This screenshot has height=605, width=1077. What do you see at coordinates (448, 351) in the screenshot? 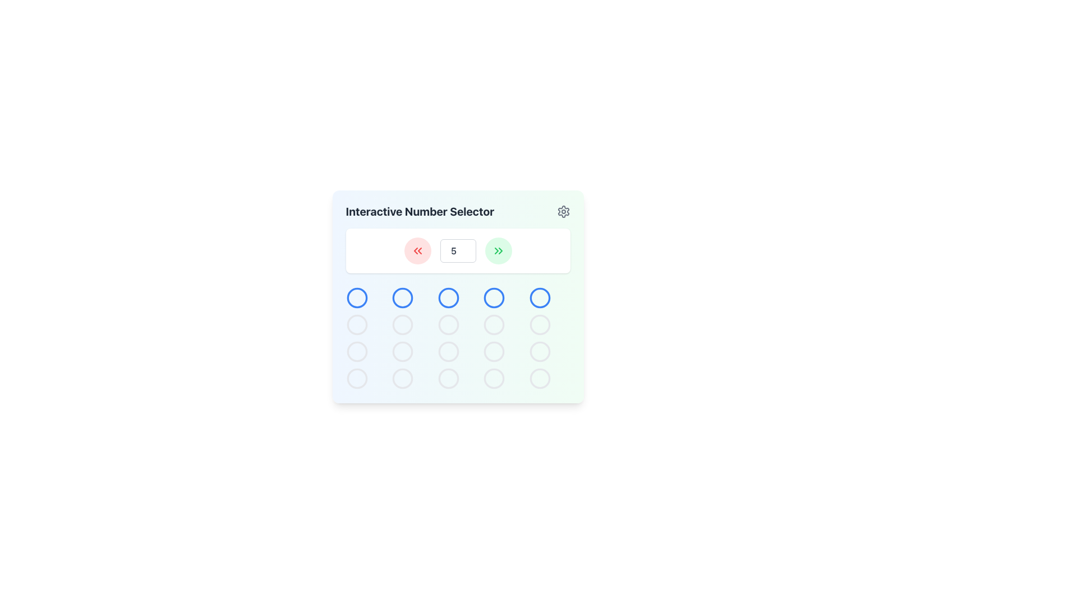
I see `the central SVG circle element in the bottom row, third column of the interactive number selector interface` at bounding box center [448, 351].